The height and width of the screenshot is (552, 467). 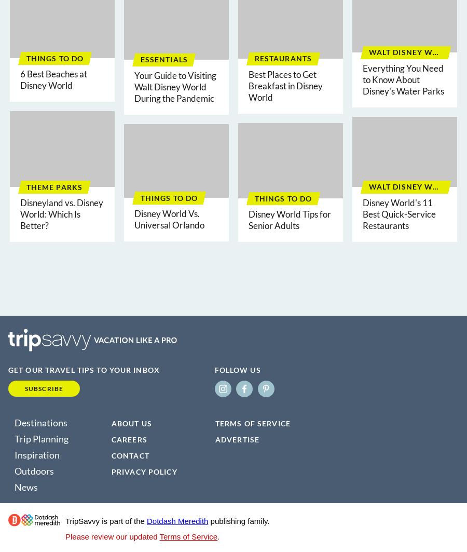 I want to click on '6 Best Beaches at Disney World', so click(x=53, y=79).